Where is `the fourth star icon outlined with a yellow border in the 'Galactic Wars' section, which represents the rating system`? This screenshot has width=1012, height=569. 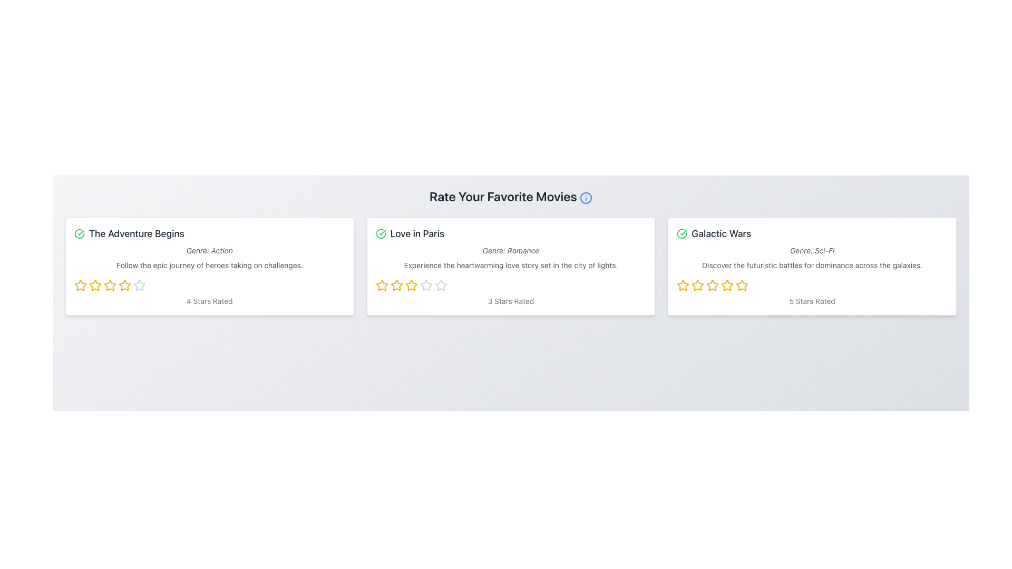
the fourth star icon outlined with a yellow border in the 'Galactic Wars' section, which represents the rating system is located at coordinates (727, 285).